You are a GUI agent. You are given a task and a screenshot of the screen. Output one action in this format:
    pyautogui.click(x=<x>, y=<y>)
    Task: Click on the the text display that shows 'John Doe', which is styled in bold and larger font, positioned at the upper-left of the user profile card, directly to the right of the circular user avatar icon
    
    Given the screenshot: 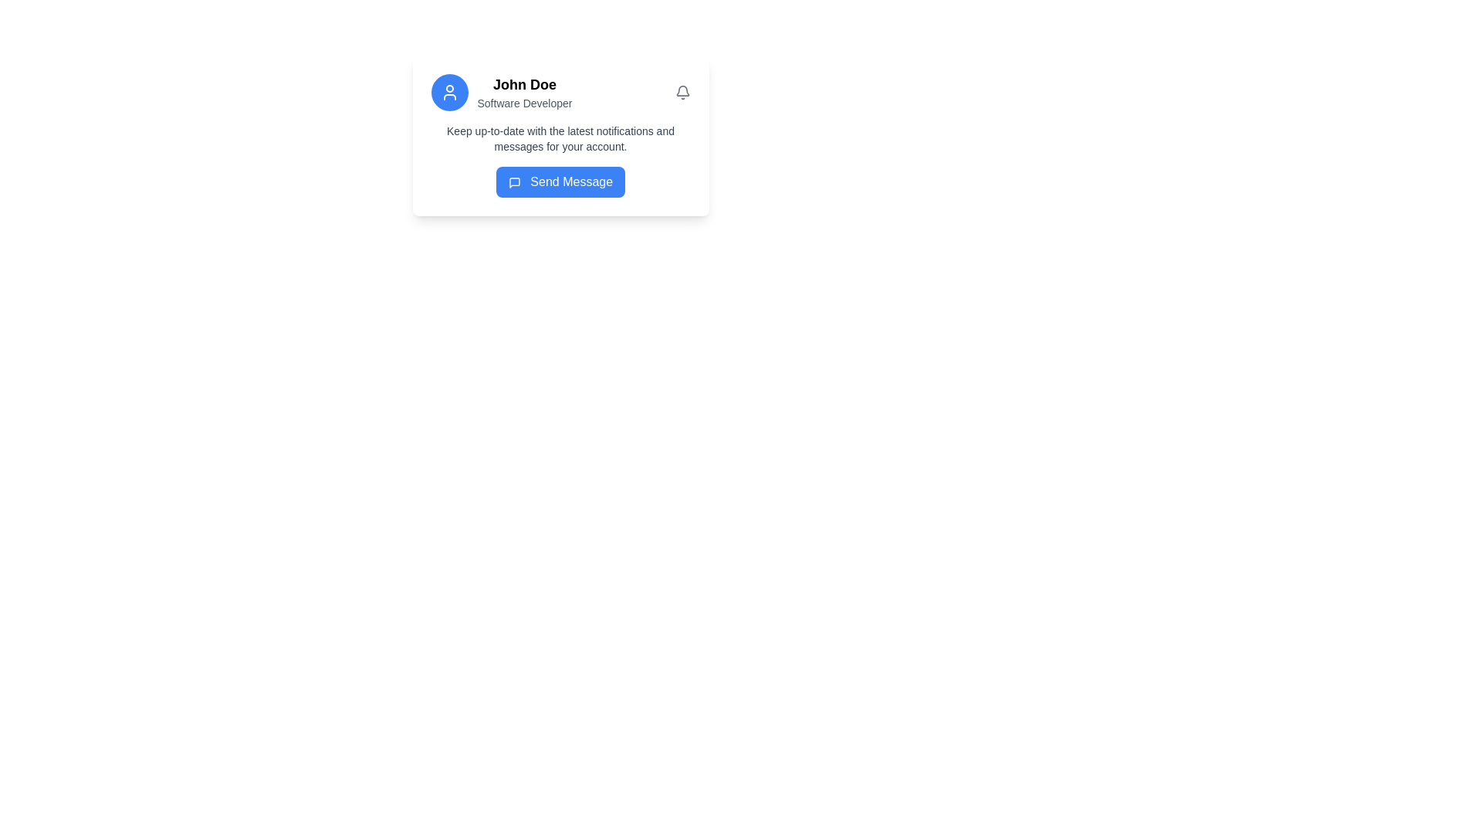 What is the action you would take?
    pyautogui.click(x=525, y=85)
    